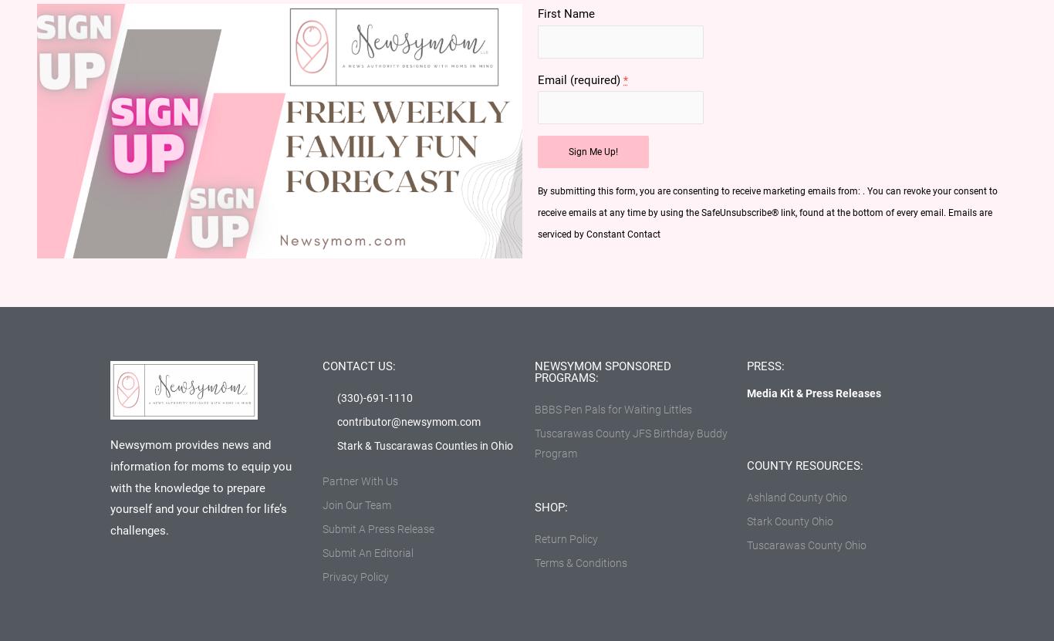 Image resolution: width=1054 pixels, height=641 pixels. What do you see at coordinates (375, 396) in the screenshot?
I see `'(330)-691-1110'` at bounding box center [375, 396].